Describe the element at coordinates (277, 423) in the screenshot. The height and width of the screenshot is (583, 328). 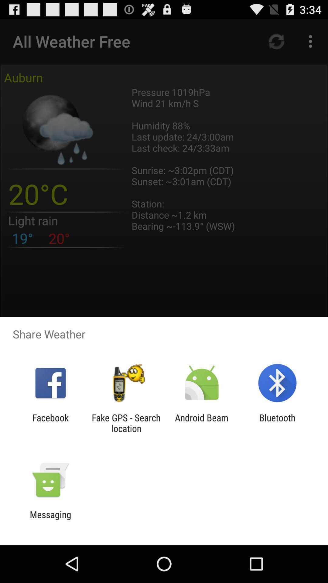
I see `item at the bottom right corner` at that location.